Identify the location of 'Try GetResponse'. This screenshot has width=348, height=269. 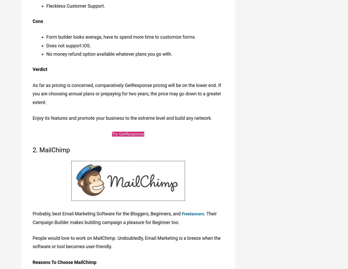
(110, 132).